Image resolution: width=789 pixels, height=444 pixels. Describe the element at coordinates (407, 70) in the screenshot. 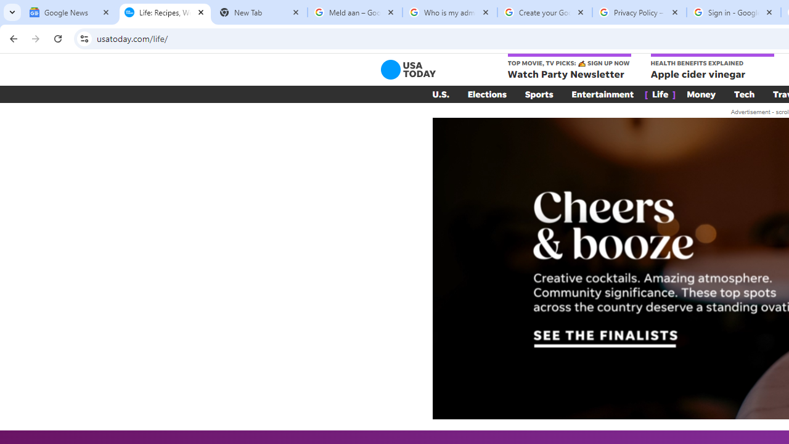

I see `'USA TODAY'` at that location.